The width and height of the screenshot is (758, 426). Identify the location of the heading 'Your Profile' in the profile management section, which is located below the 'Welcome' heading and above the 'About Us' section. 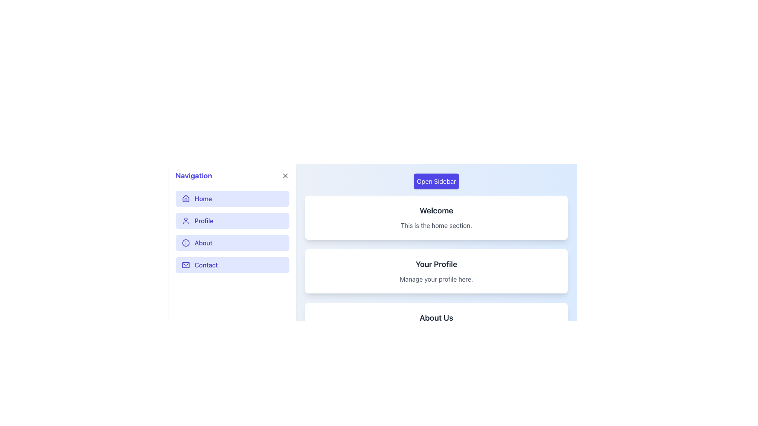
(436, 264).